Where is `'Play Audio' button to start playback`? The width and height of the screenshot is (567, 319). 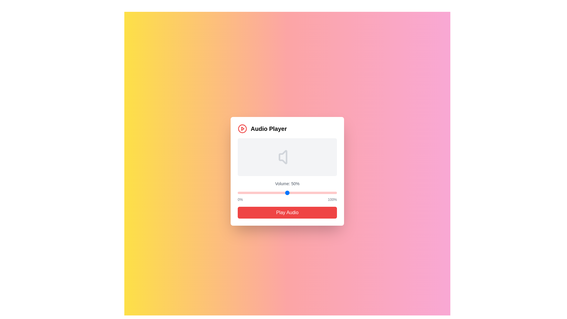
'Play Audio' button to start playback is located at coordinates (287, 213).